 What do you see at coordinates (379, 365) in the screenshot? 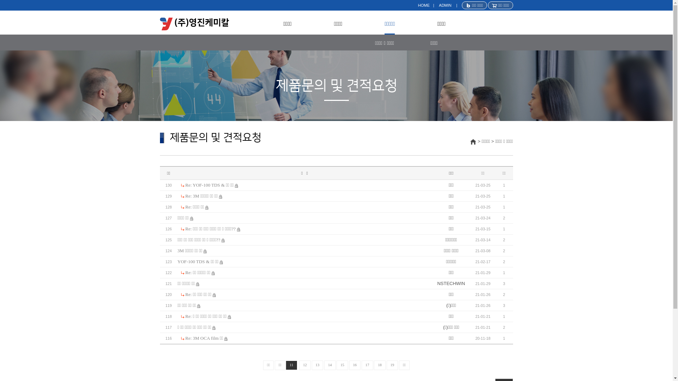
I see `'18'` at bounding box center [379, 365].